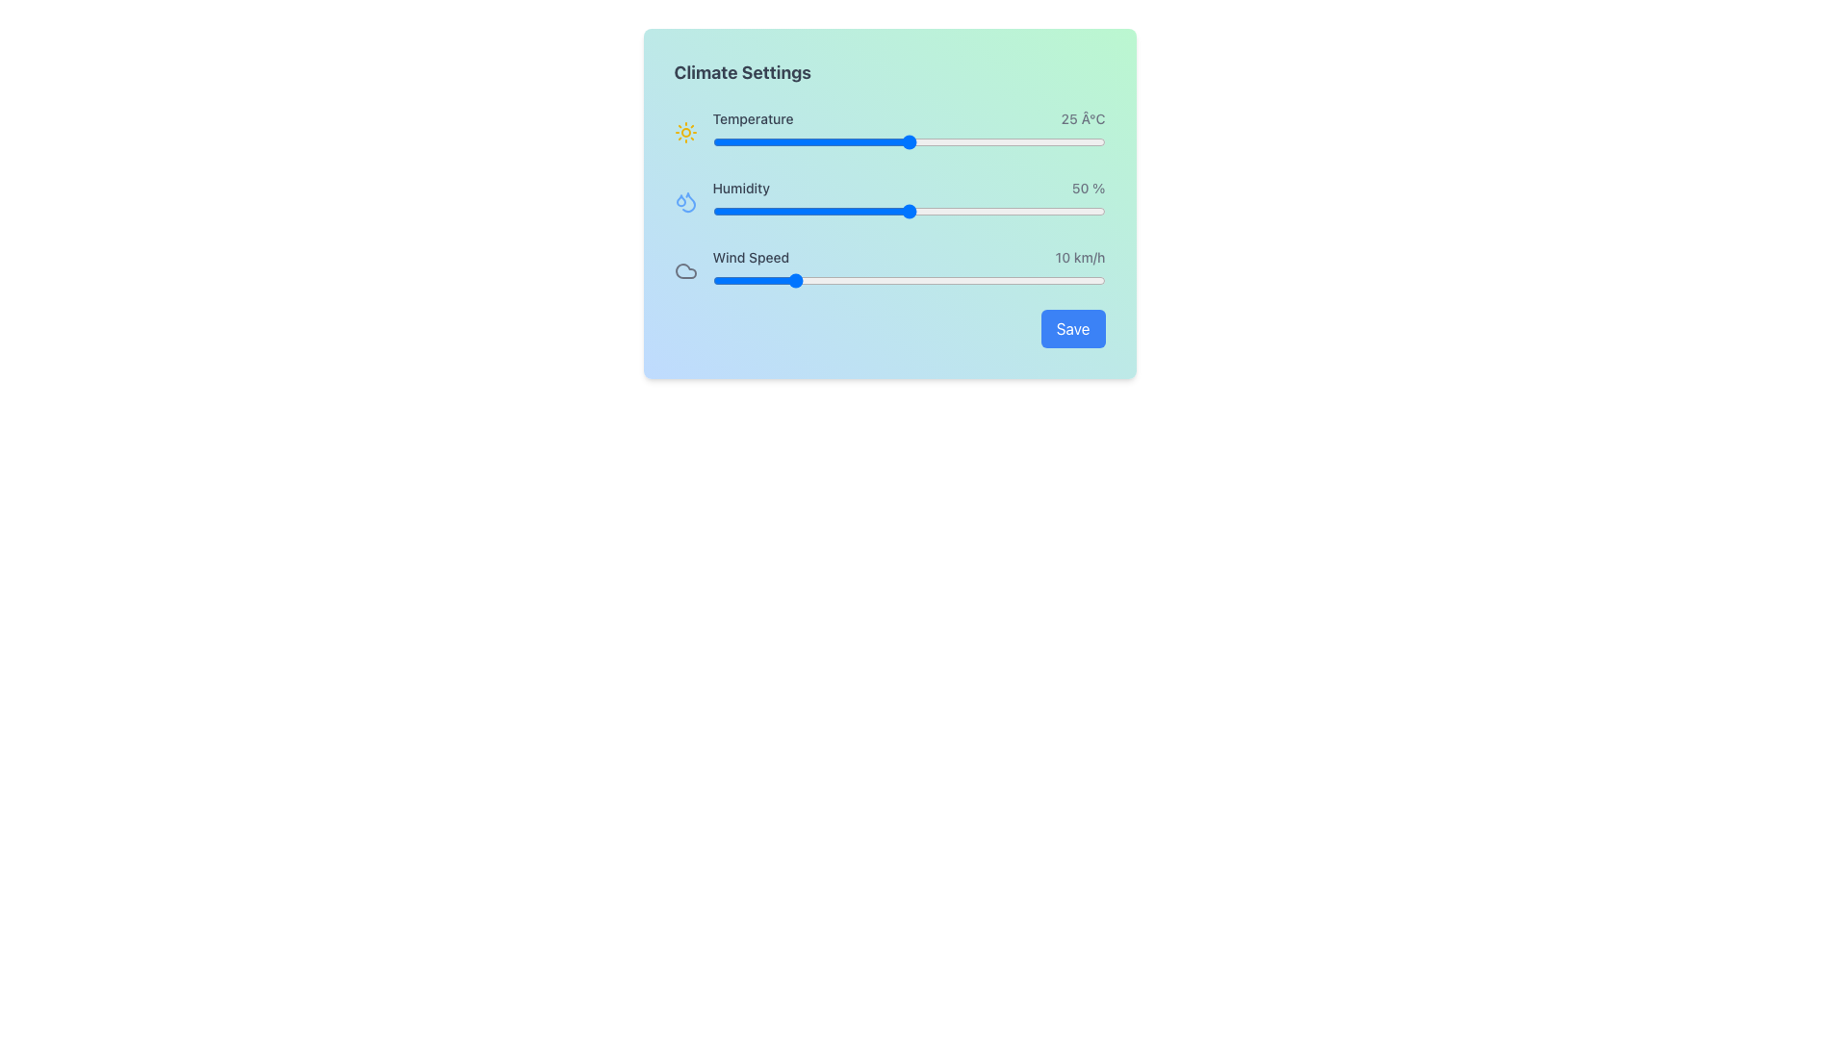 The image size is (1848, 1039). I want to click on wind speed, so click(711, 281).